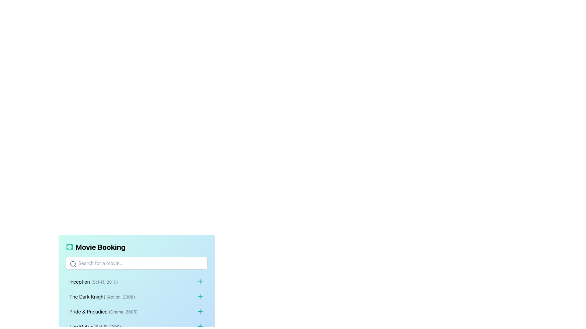 Image resolution: width=586 pixels, height=329 pixels. I want to click on the static text display for the third movie entry in the 'Movie Booking' section, which shows the title and details of the movie, so click(103, 311).